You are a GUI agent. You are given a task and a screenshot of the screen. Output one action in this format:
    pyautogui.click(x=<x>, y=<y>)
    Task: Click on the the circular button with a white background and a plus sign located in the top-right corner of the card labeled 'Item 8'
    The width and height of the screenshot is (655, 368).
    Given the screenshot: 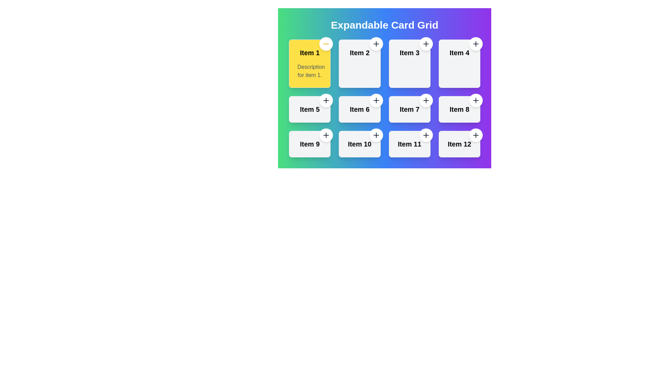 What is the action you would take?
    pyautogui.click(x=476, y=100)
    